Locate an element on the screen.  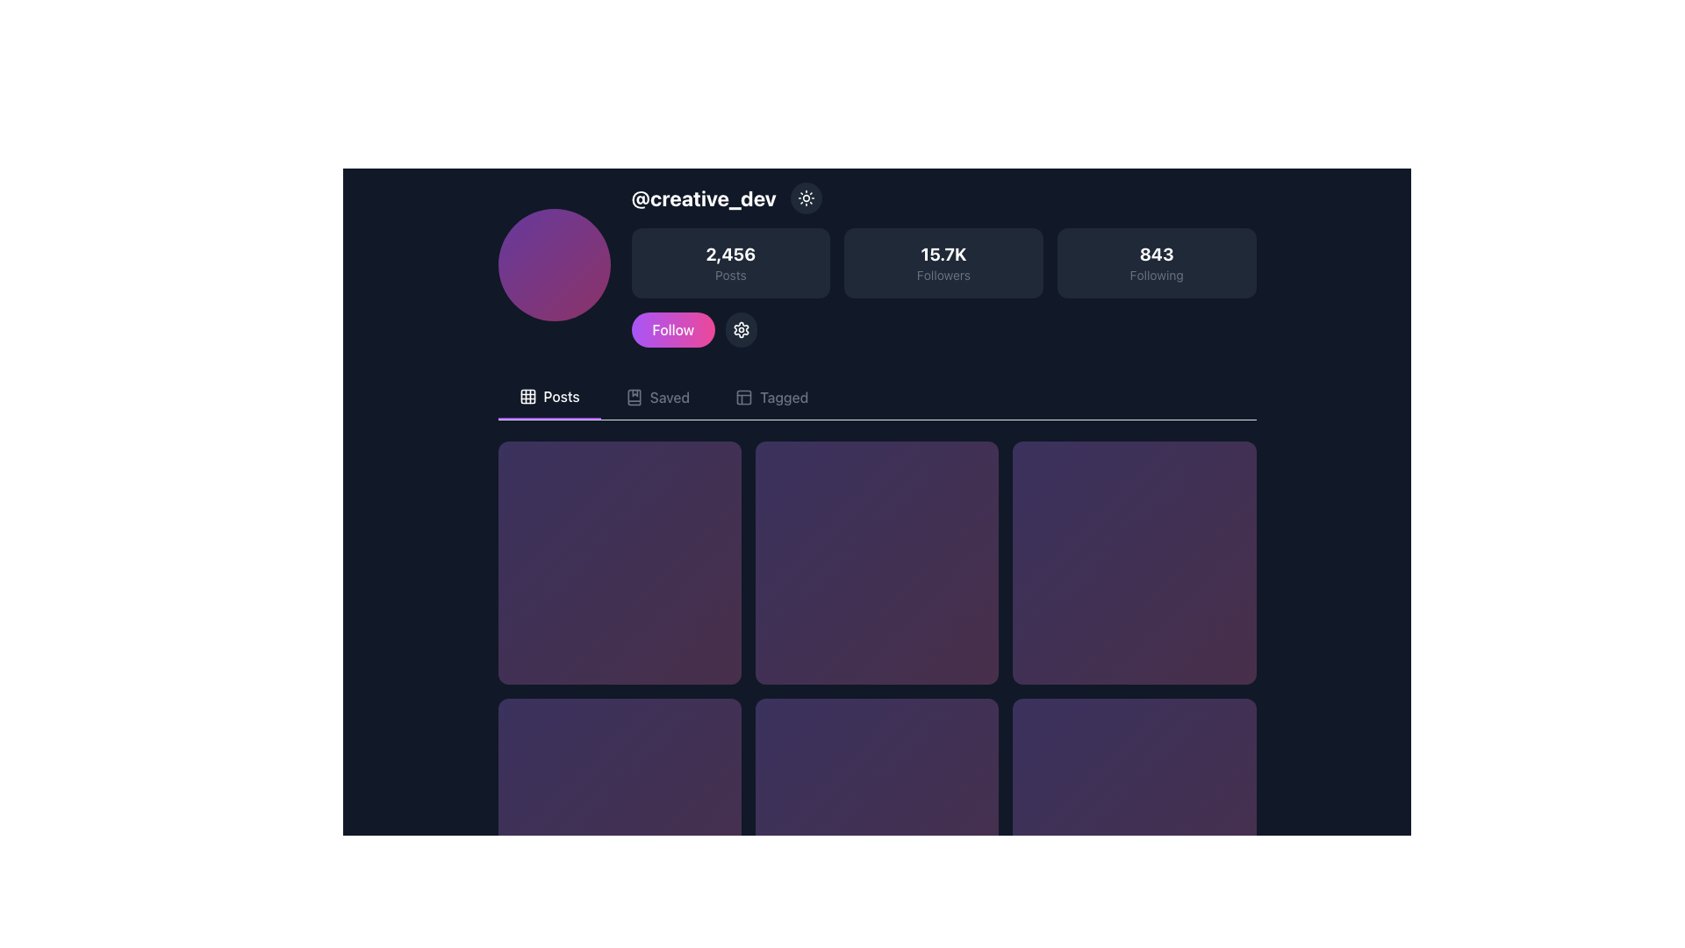
the navigation Text label in the interactive menu to redirect to the saved or bookmarked content section is located at coordinates (669, 397).